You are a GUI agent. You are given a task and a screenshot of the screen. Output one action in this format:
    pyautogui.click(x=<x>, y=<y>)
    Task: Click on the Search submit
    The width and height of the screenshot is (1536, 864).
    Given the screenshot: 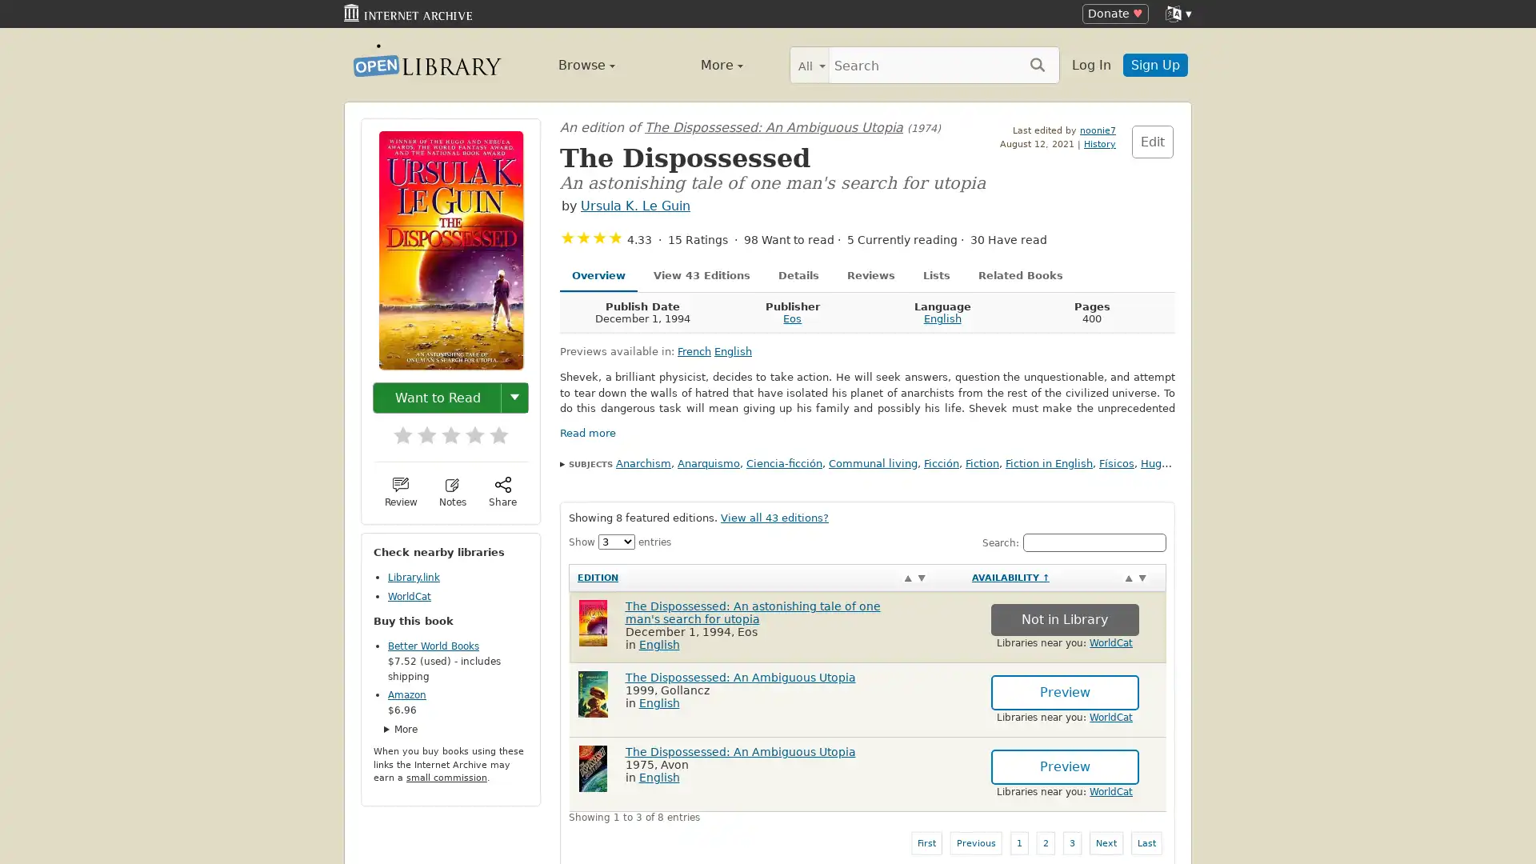 What is the action you would take?
    pyautogui.click(x=1037, y=63)
    